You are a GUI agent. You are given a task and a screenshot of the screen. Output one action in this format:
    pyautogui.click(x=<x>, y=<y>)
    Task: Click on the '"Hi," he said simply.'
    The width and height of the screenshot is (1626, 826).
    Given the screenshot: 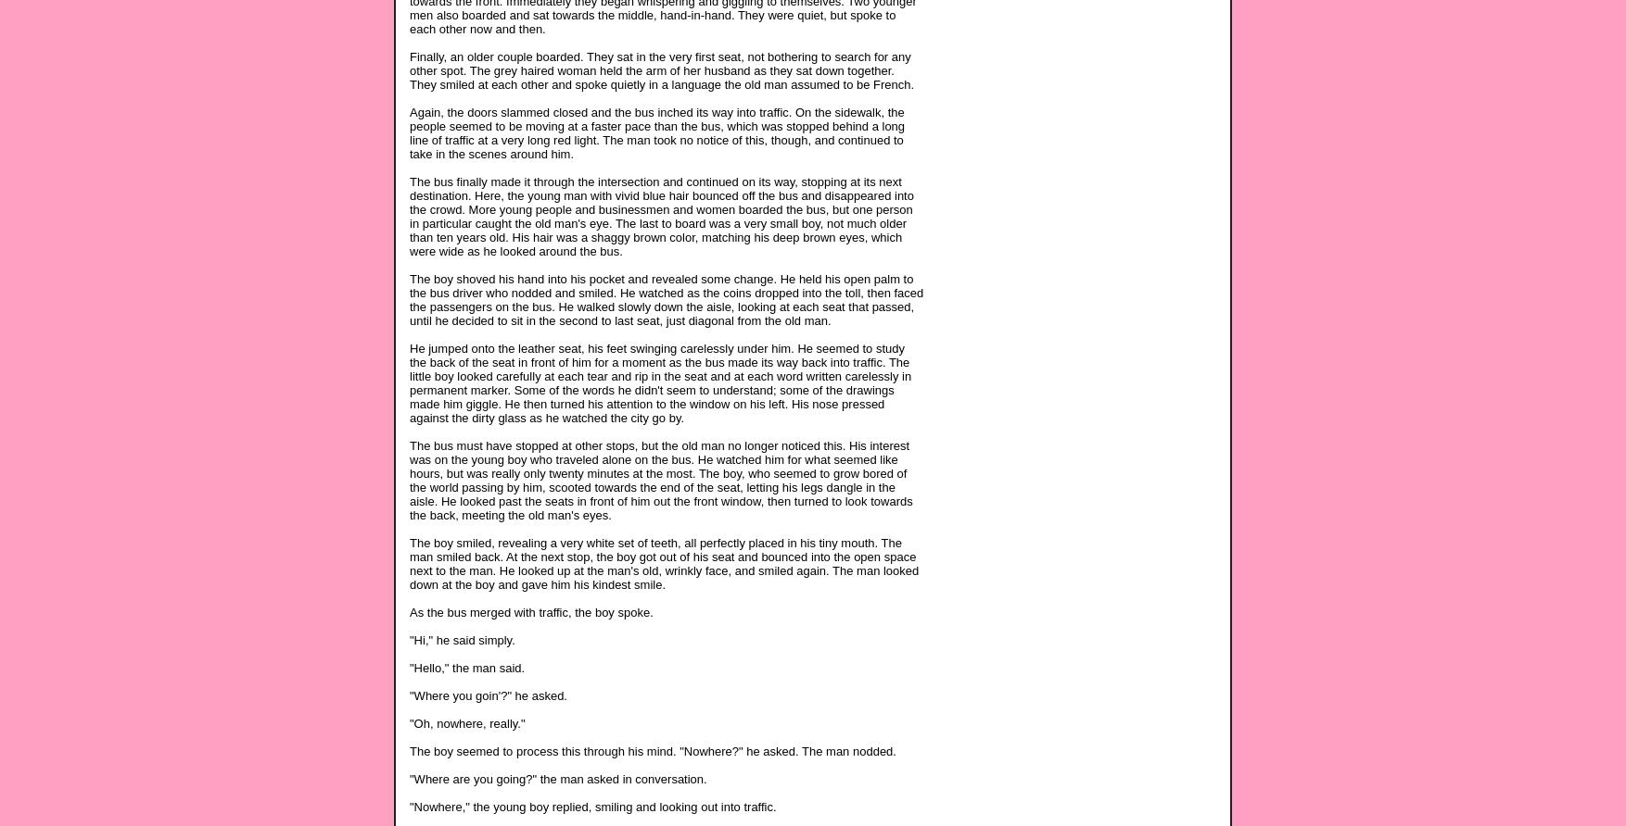 What is the action you would take?
    pyautogui.click(x=461, y=639)
    